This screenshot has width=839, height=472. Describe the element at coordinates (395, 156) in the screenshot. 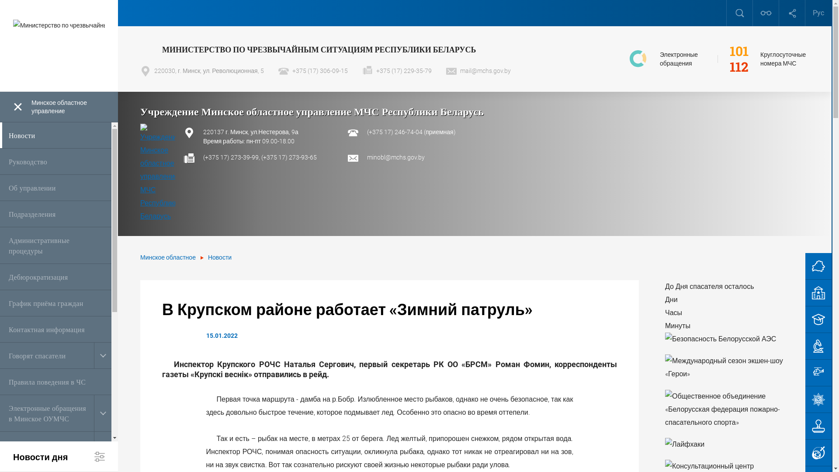

I see `'minobl@mchs.gov.by'` at that location.